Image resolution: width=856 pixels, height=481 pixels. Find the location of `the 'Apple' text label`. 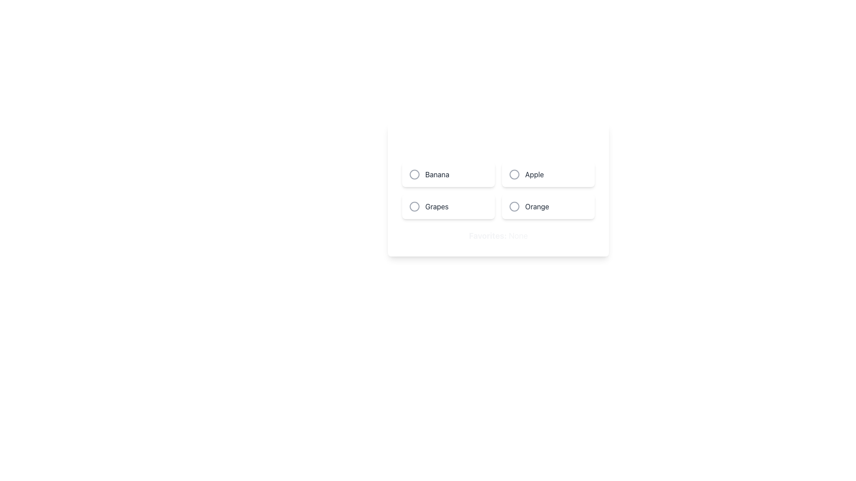

the 'Apple' text label is located at coordinates (535, 175).